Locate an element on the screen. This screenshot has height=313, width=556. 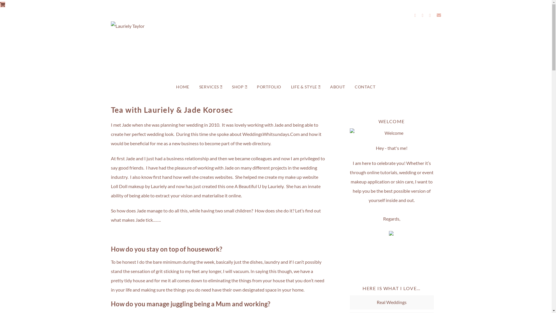
'ABOUT' is located at coordinates (337, 87).